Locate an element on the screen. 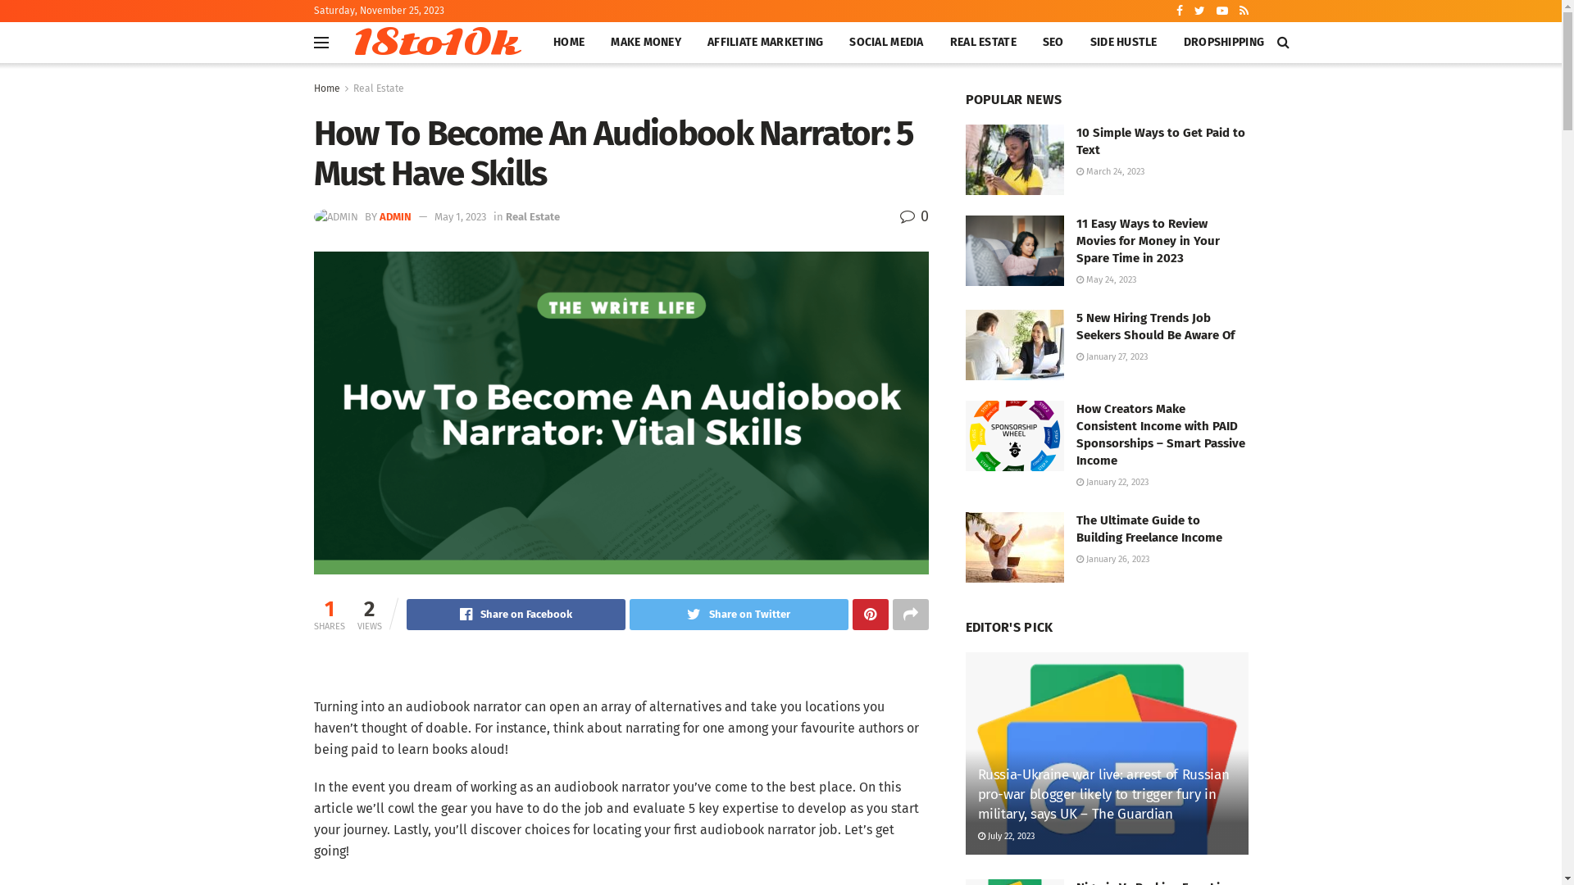 The image size is (1574, 885). 'Share on Twitter' is located at coordinates (738, 614).